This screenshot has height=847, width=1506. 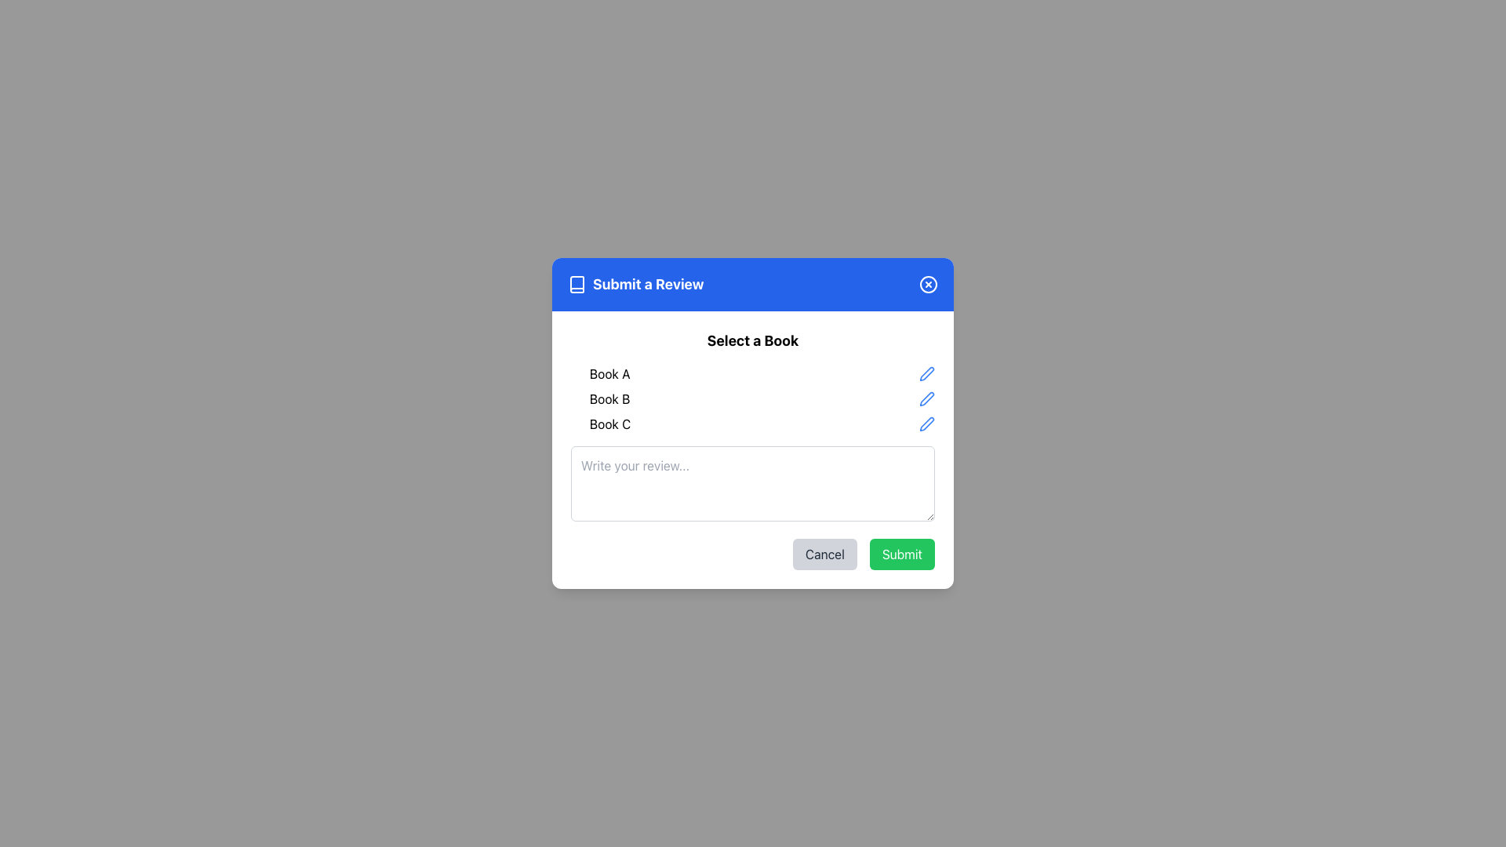 What do you see at coordinates (926, 398) in the screenshot?
I see `the blue pen icon located to the right of the label 'Book B'` at bounding box center [926, 398].